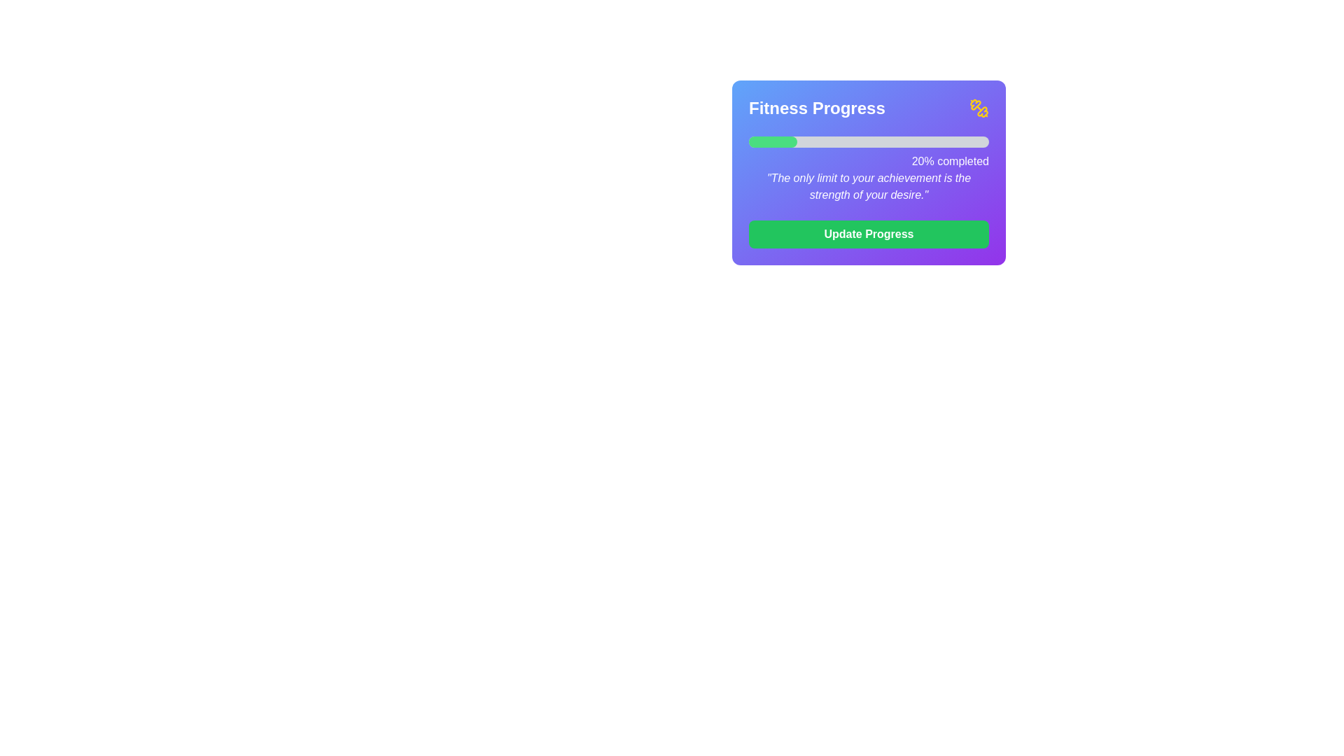 This screenshot has width=1344, height=756. What do you see at coordinates (978, 107) in the screenshot?
I see `the yellow dumbbell SVG icon located at the top-right corner of the 'Fitness Progress' card` at bounding box center [978, 107].